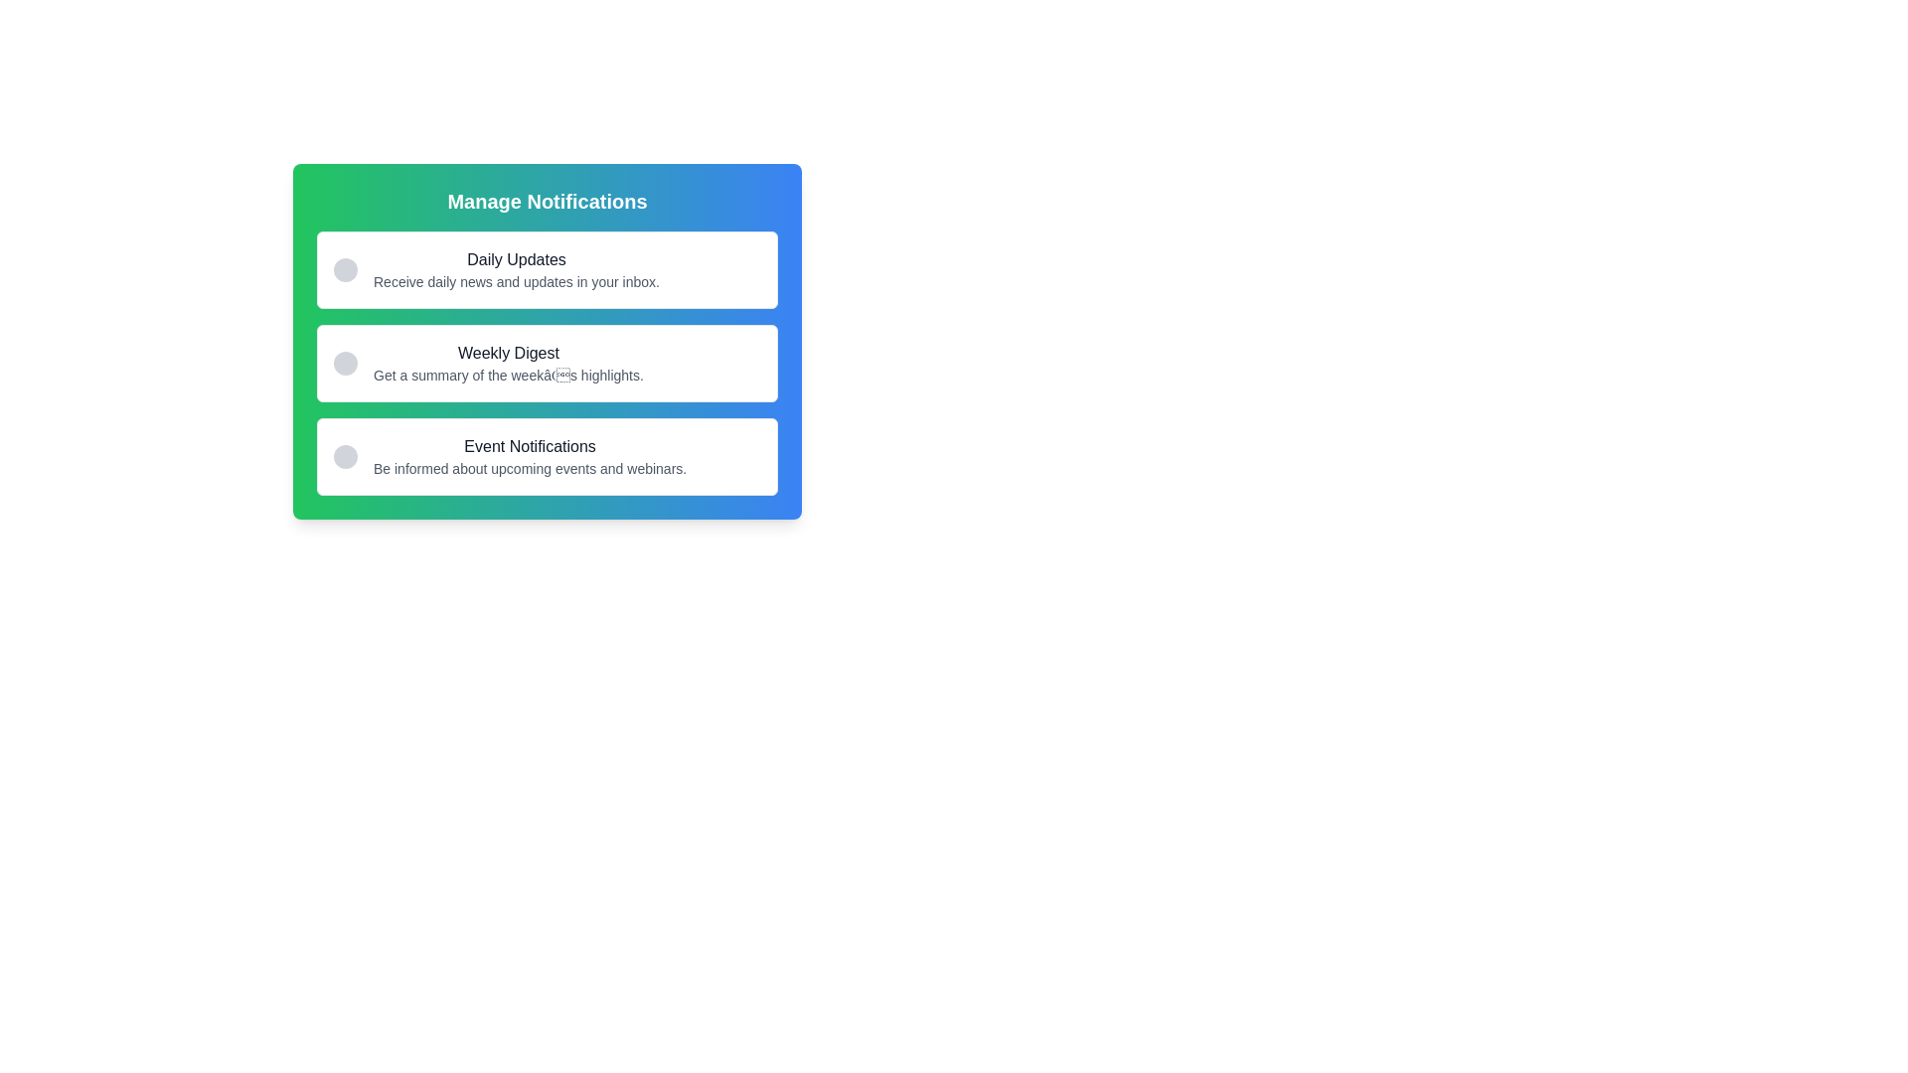  I want to click on the circular visual placeholder or unselected selection indicator next to the 'Weekly Digest' option in the notification management panel, so click(345, 364).